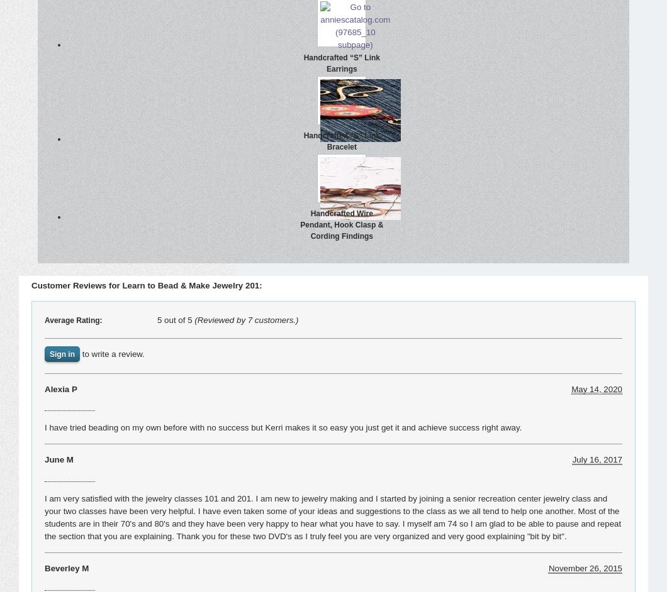  Describe the element at coordinates (249, 319) in the screenshot. I see `'7'` at that location.